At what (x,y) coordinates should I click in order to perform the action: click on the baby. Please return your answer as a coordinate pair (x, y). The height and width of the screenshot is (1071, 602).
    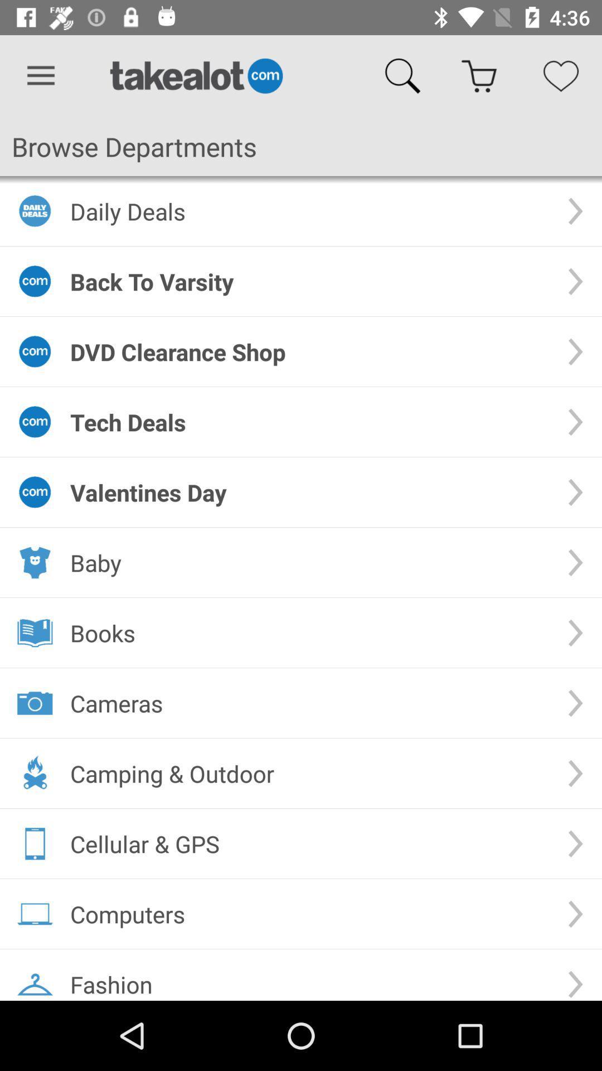
    Looking at the image, I should click on (309, 562).